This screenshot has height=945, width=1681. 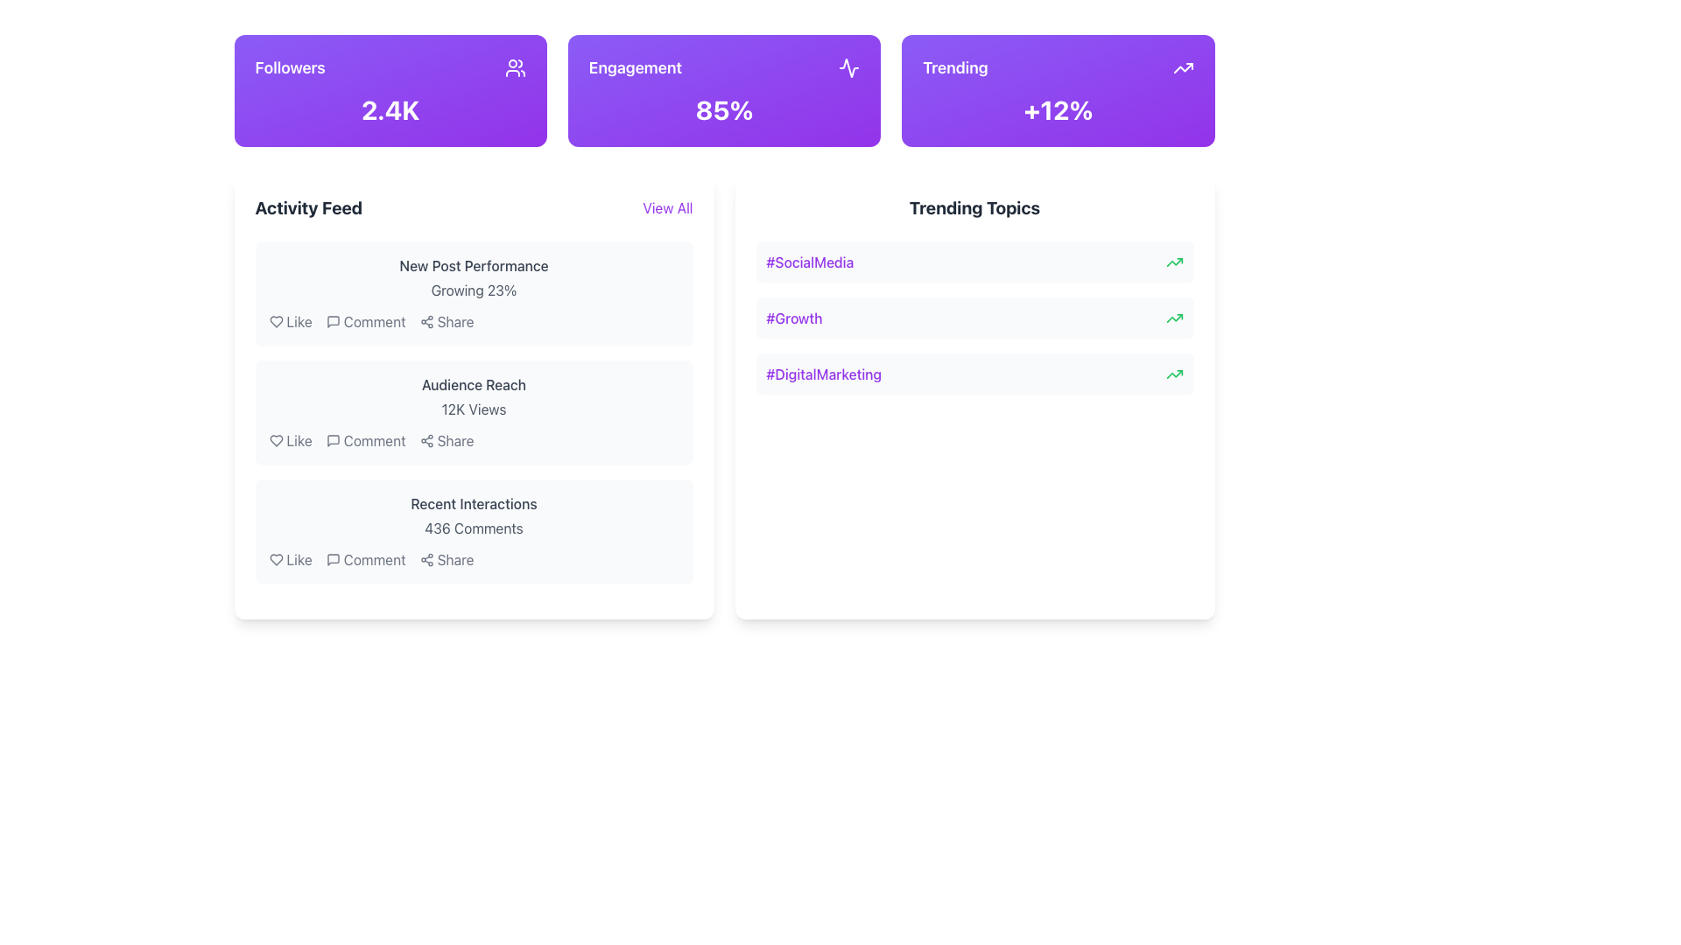 I want to click on the 'Like' Text Label located in the bottom area of the activity feed section, positioned next to the heart icon, for context about the 'Like' action, so click(x=299, y=560).